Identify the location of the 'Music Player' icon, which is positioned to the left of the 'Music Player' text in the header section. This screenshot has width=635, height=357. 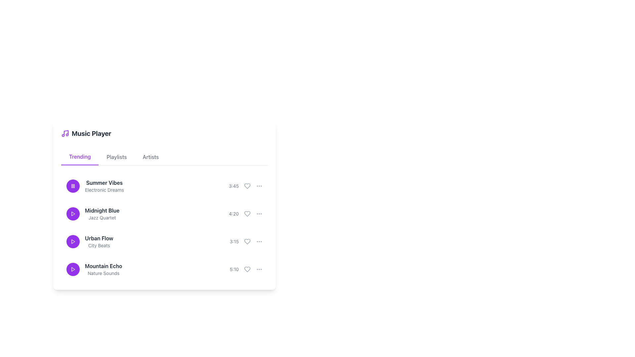
(65, 134).